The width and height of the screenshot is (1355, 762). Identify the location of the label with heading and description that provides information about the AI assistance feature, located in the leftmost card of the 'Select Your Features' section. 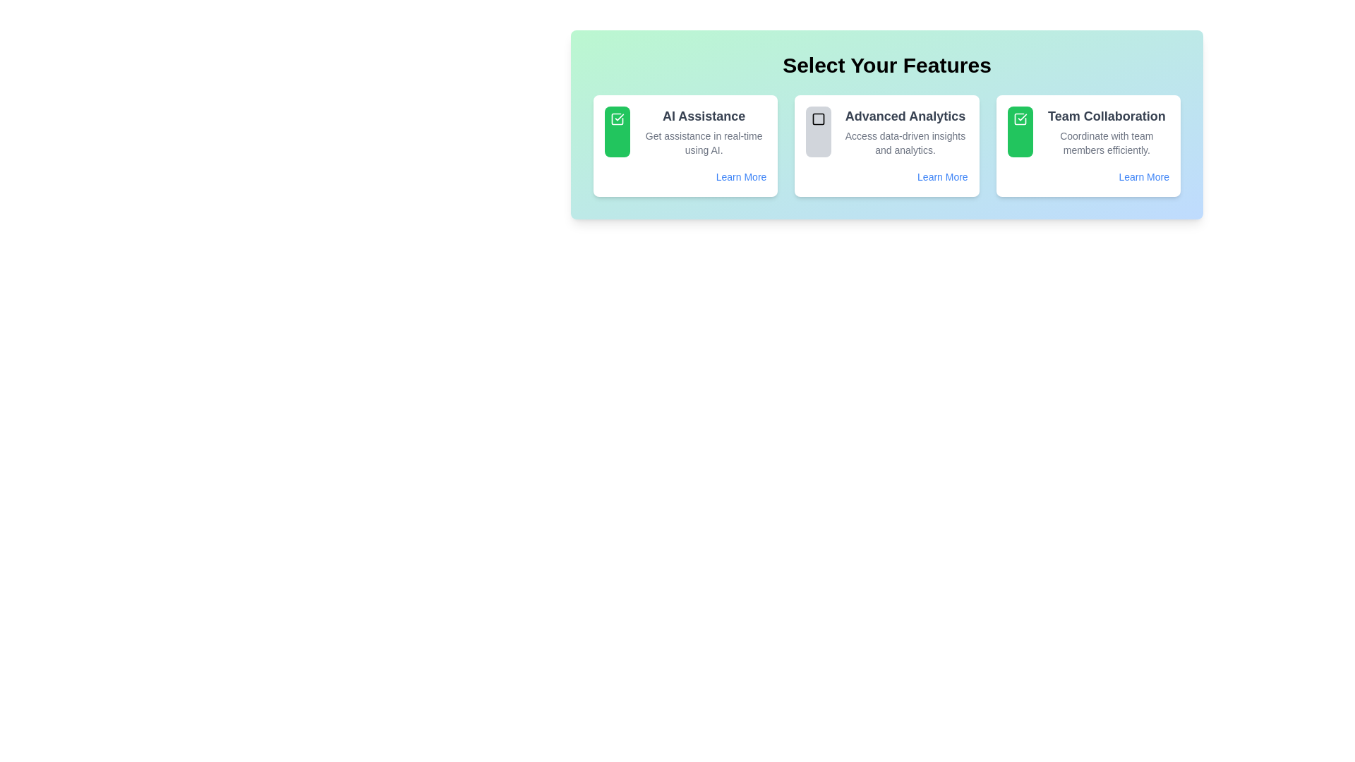
(704, 131).